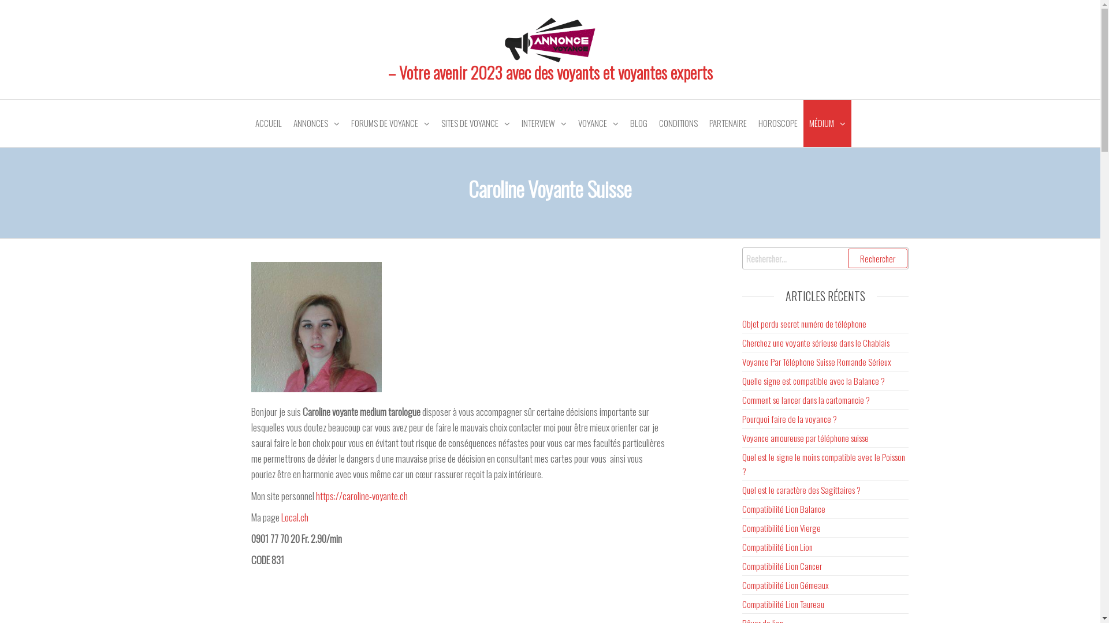 The height and width of the screenshot is (623, 1109). What do you see at coordinates (542, 123) in the screenshot?
I see `'INTERVIEW'` at bounding box center [542, 123].